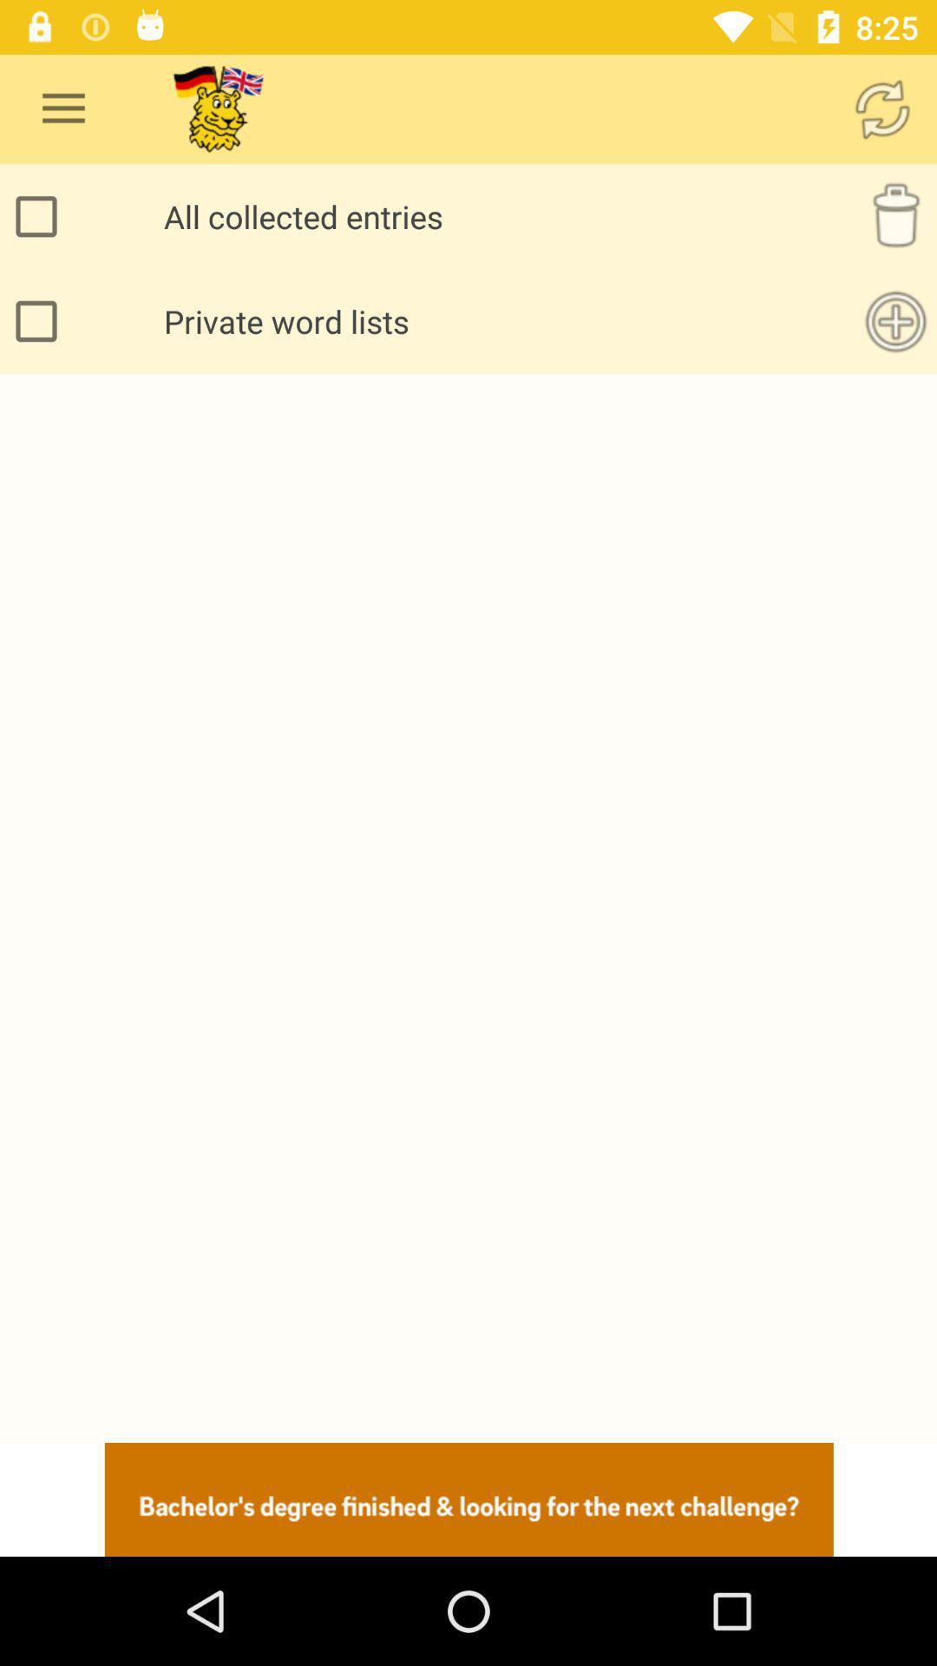  Describe the element at coordinates (895, 215) in the screenshot. I see `delete` at that location.